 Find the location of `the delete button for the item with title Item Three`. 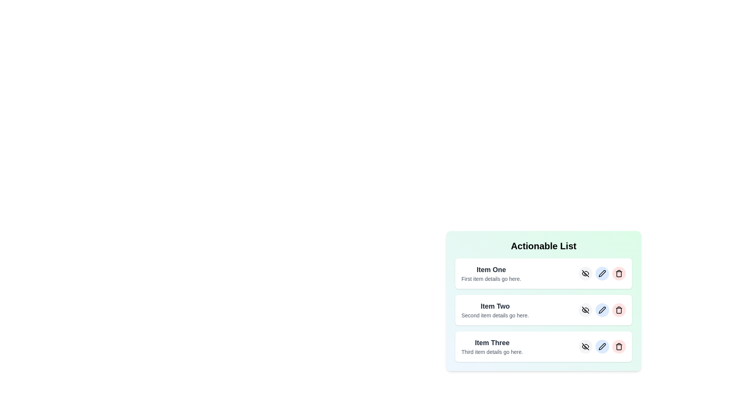

the delete button for the item with title Item Three is located at coordinates (619, 346).